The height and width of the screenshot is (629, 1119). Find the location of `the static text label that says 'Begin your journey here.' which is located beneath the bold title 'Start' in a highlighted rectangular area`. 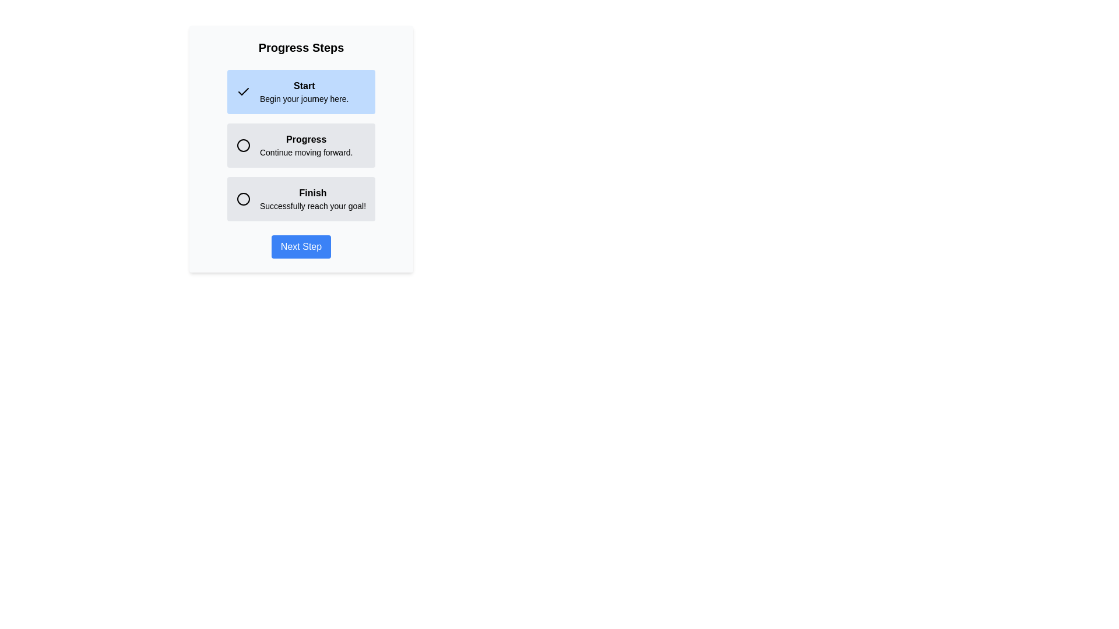

the static text label that says 'Begin your journey here.' which is located beneath the bold title 'Start' in a highlighted rectangular area is located at coordinates (304, 98).